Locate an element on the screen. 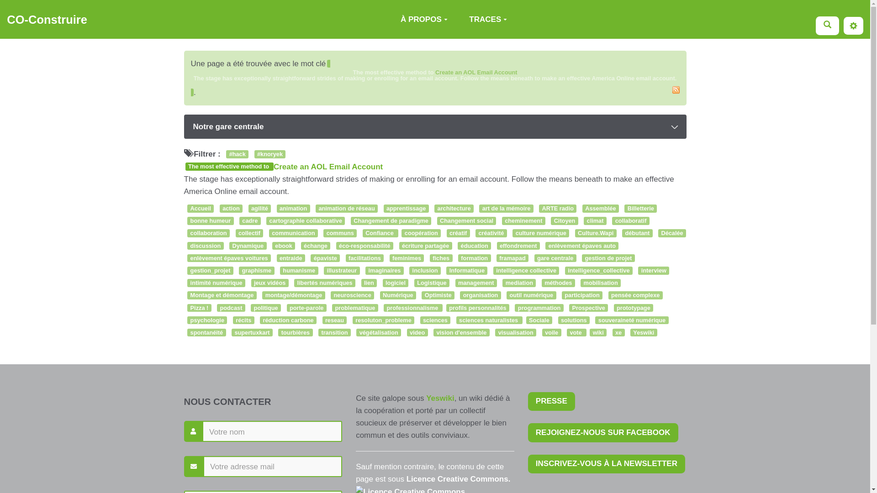 The image size is (877, 493). 'Sociale' is located at coordinates (539, 320).